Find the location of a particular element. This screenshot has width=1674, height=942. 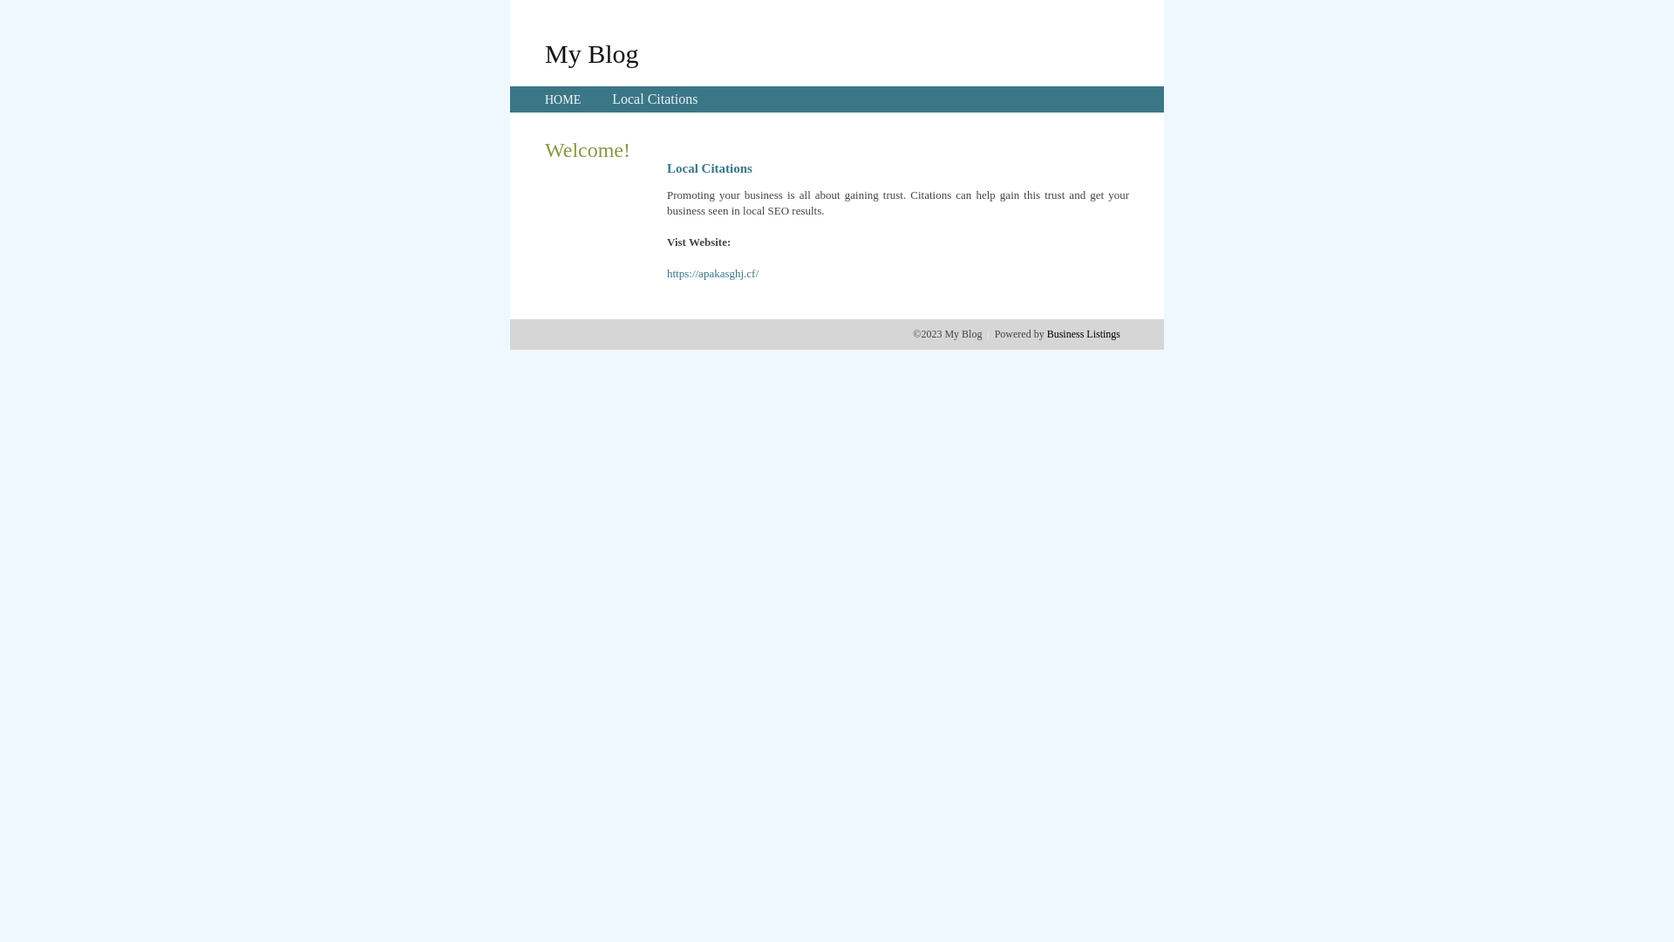

'https://apakasghj.cf/' is located at coordinates (665, 273).